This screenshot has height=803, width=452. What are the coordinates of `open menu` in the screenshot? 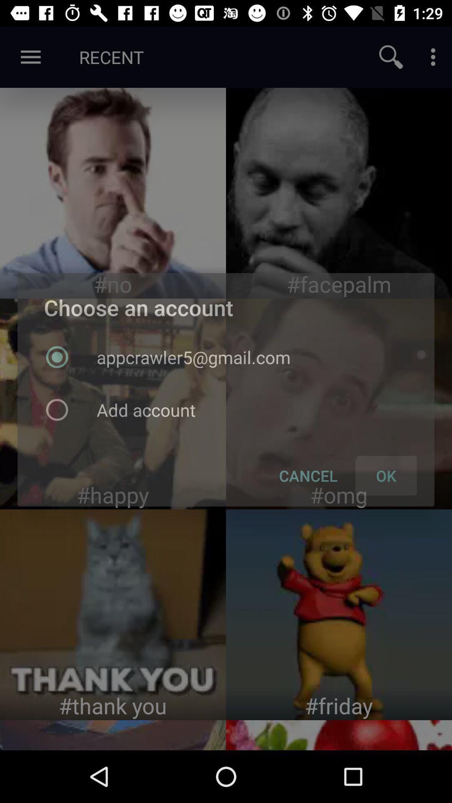 It's located at (433, 56).